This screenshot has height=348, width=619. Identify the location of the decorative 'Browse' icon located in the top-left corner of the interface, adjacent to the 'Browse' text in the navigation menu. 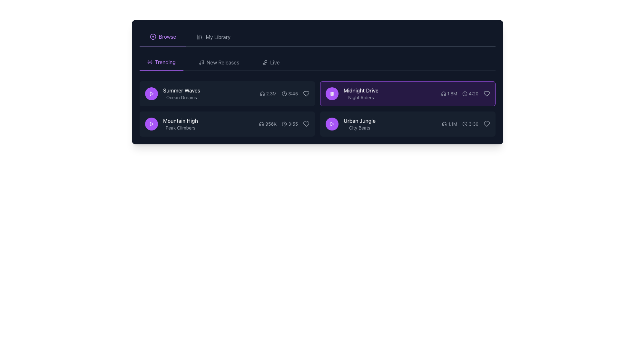
(153, 37).